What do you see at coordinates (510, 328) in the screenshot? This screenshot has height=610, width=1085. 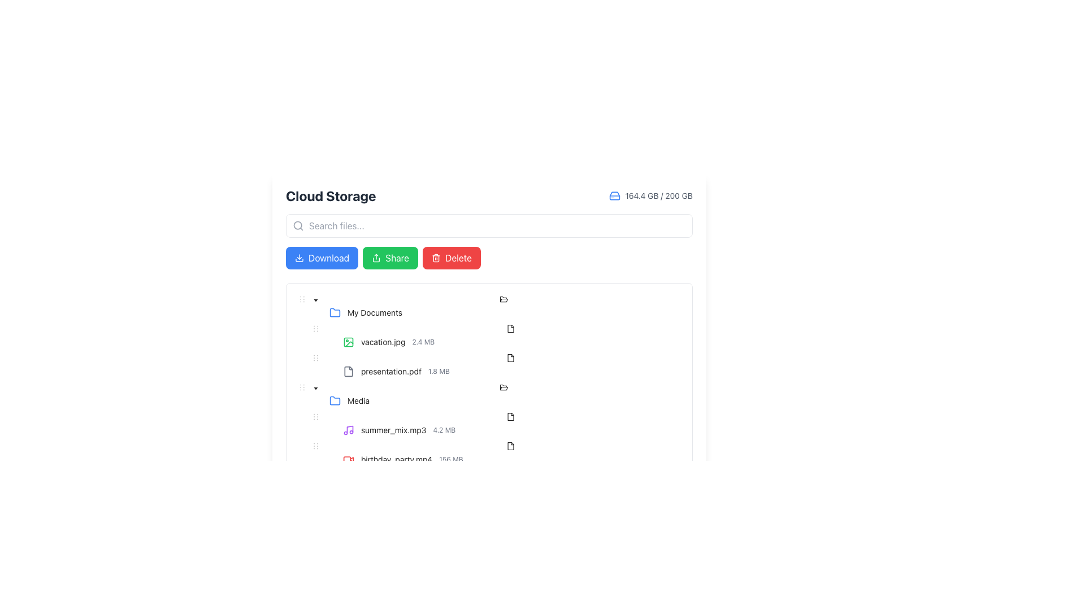 I see `the icon representing a file in the file directory, located to the right of the file name and size information, within the 'Media' directory` at bounding box center [510, 328].